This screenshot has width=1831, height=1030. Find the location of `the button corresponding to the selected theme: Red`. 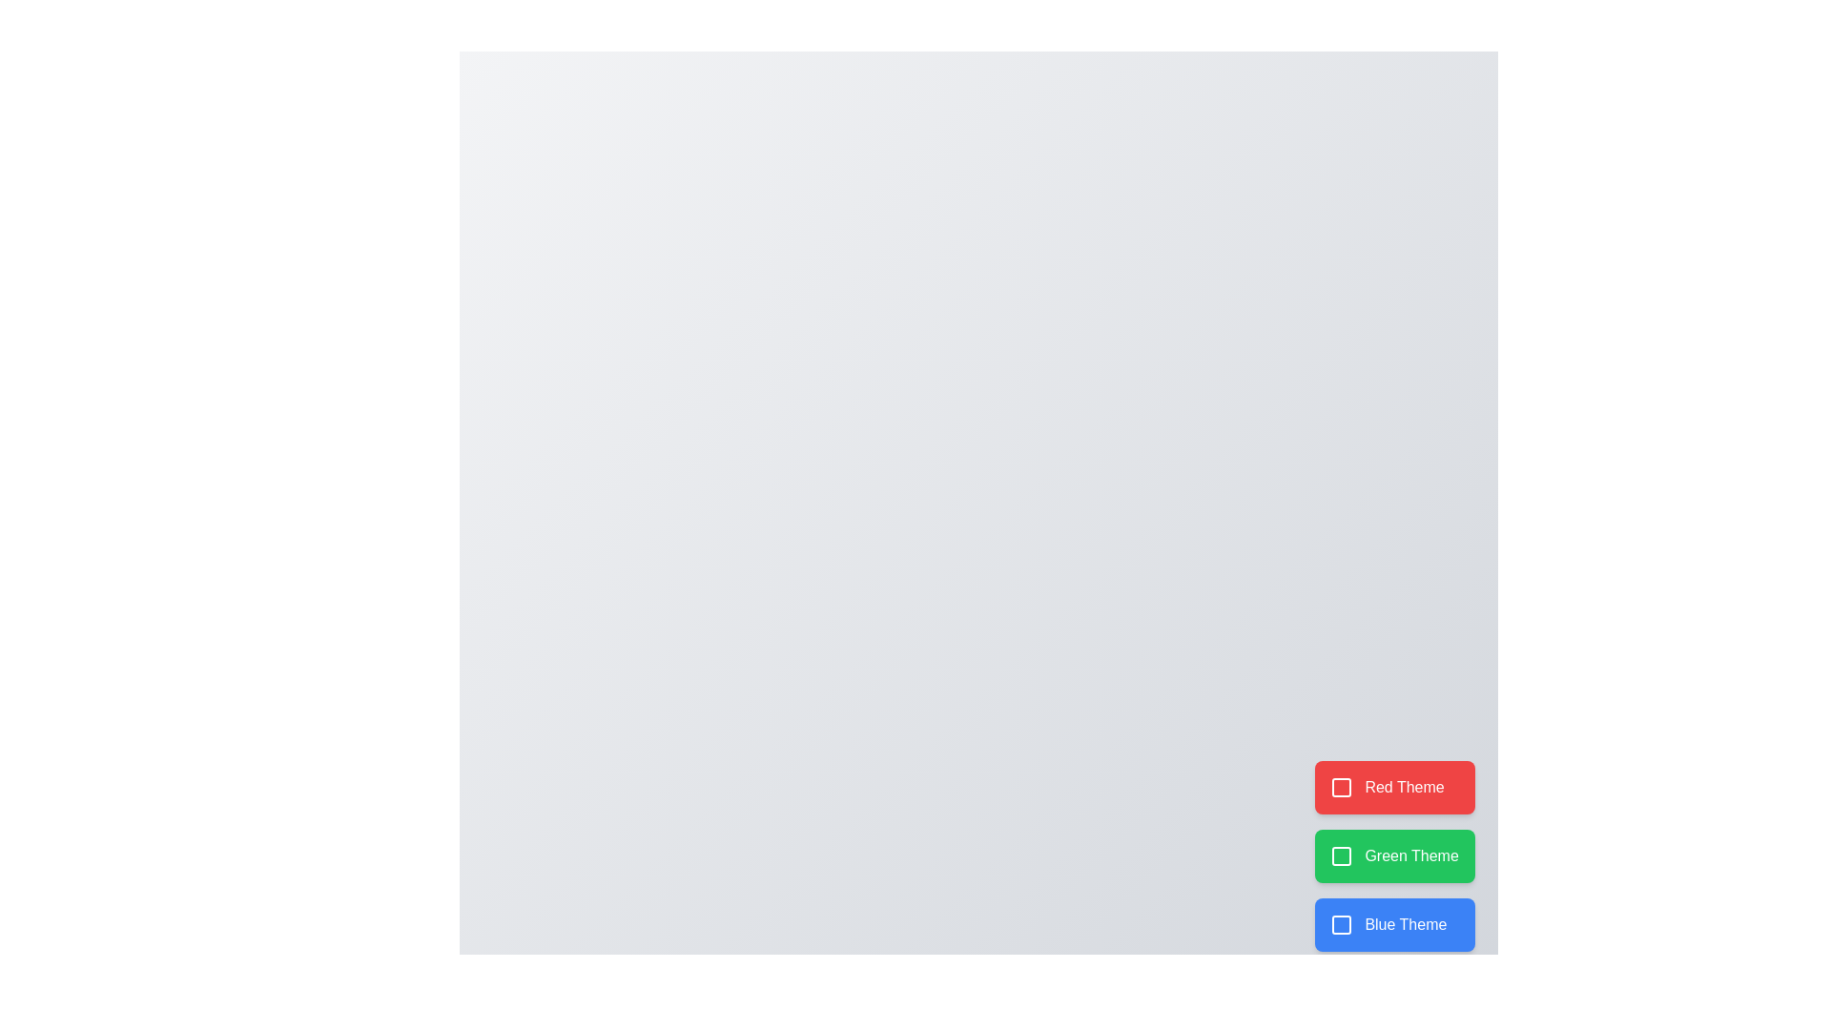

the button corresponding to the selected theme: Red is located at coordinates (1395, 787).